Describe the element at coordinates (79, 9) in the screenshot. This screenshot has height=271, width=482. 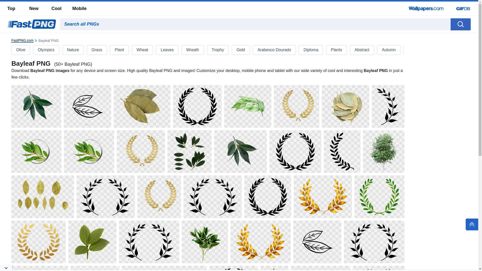
I see `'Mobile'` at that location.